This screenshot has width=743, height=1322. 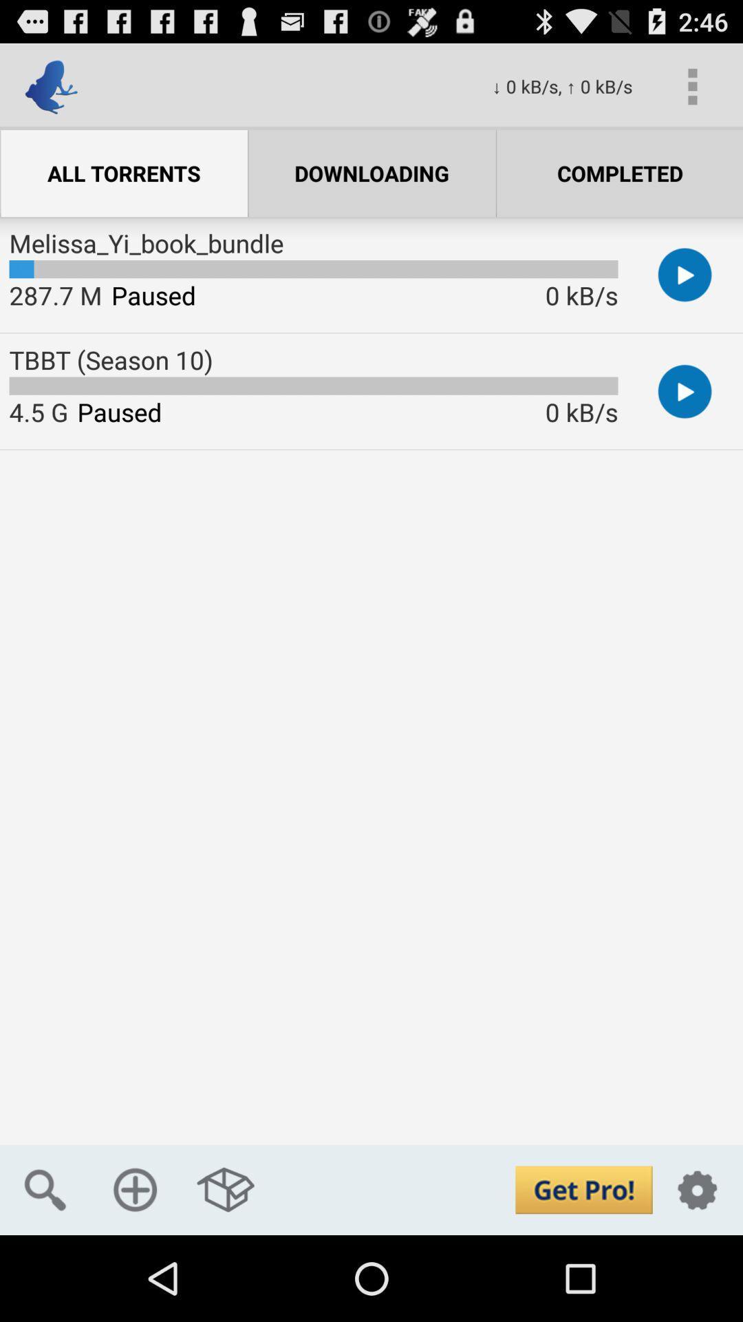 What do you see at coordinates (685, 390) in the screenshot?
I see `tbbt season 10` at bounding box center [685, 390].